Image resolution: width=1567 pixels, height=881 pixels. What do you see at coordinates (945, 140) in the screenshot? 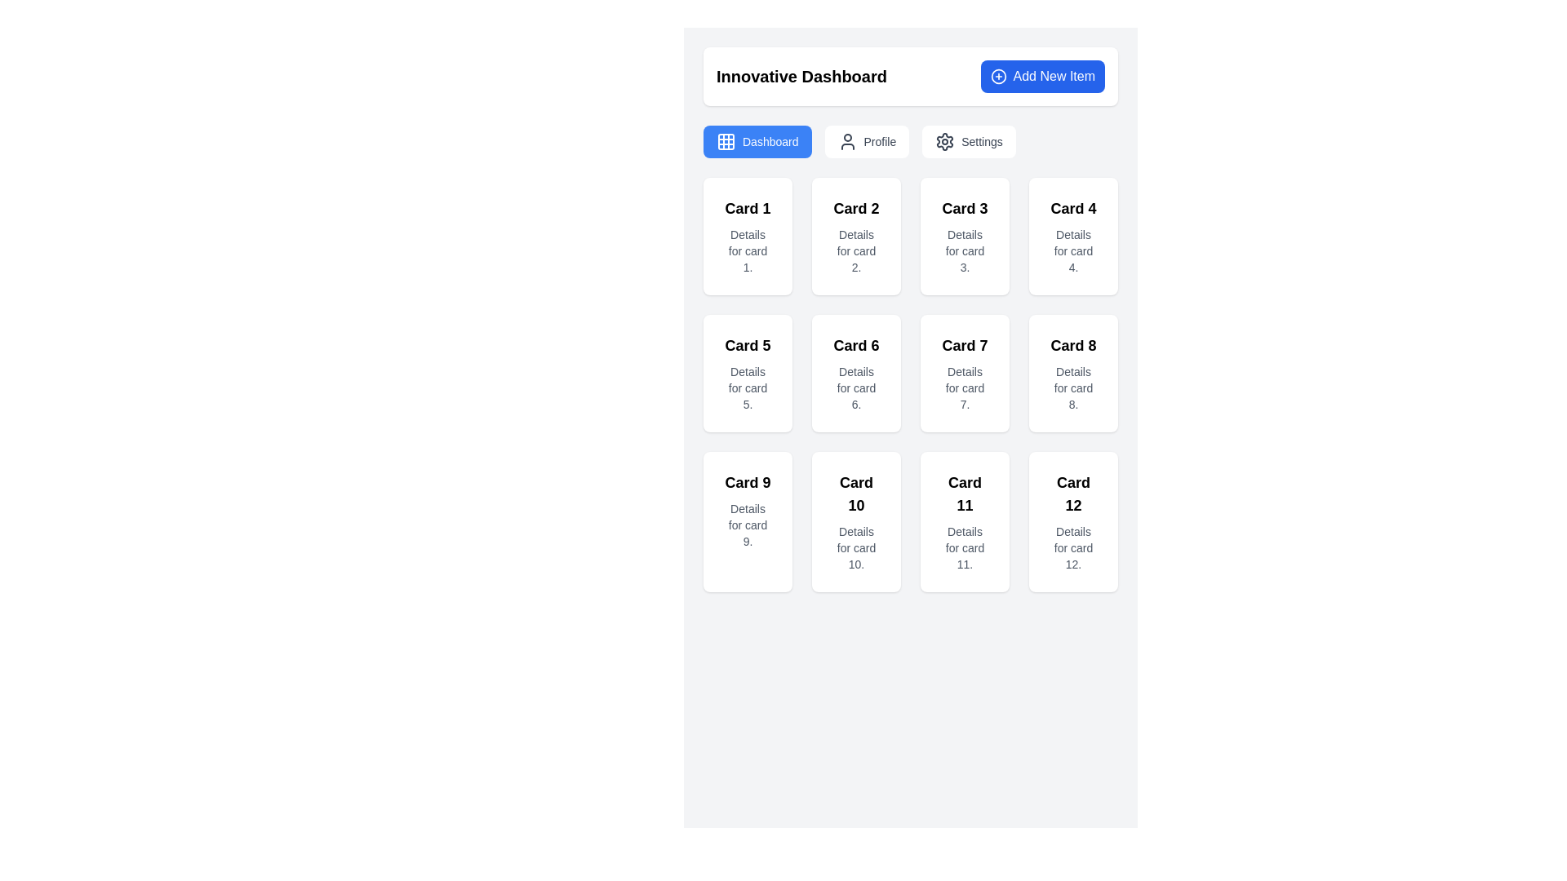
I see `the settings gear icon located at the rightmost position of the top navigation bar` at bounding box center [945, 140].